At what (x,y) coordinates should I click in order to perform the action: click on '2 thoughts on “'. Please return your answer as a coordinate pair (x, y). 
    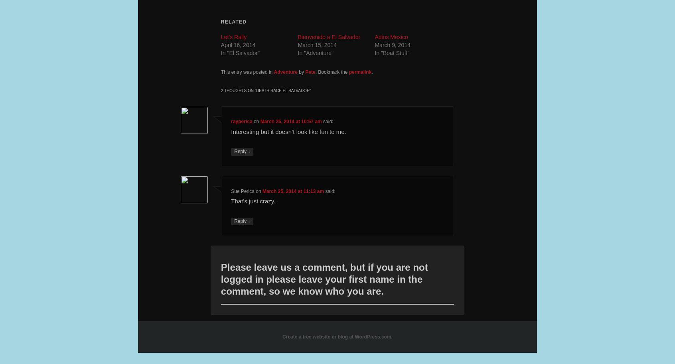
    Looking at the image, I should click on (238, 90).